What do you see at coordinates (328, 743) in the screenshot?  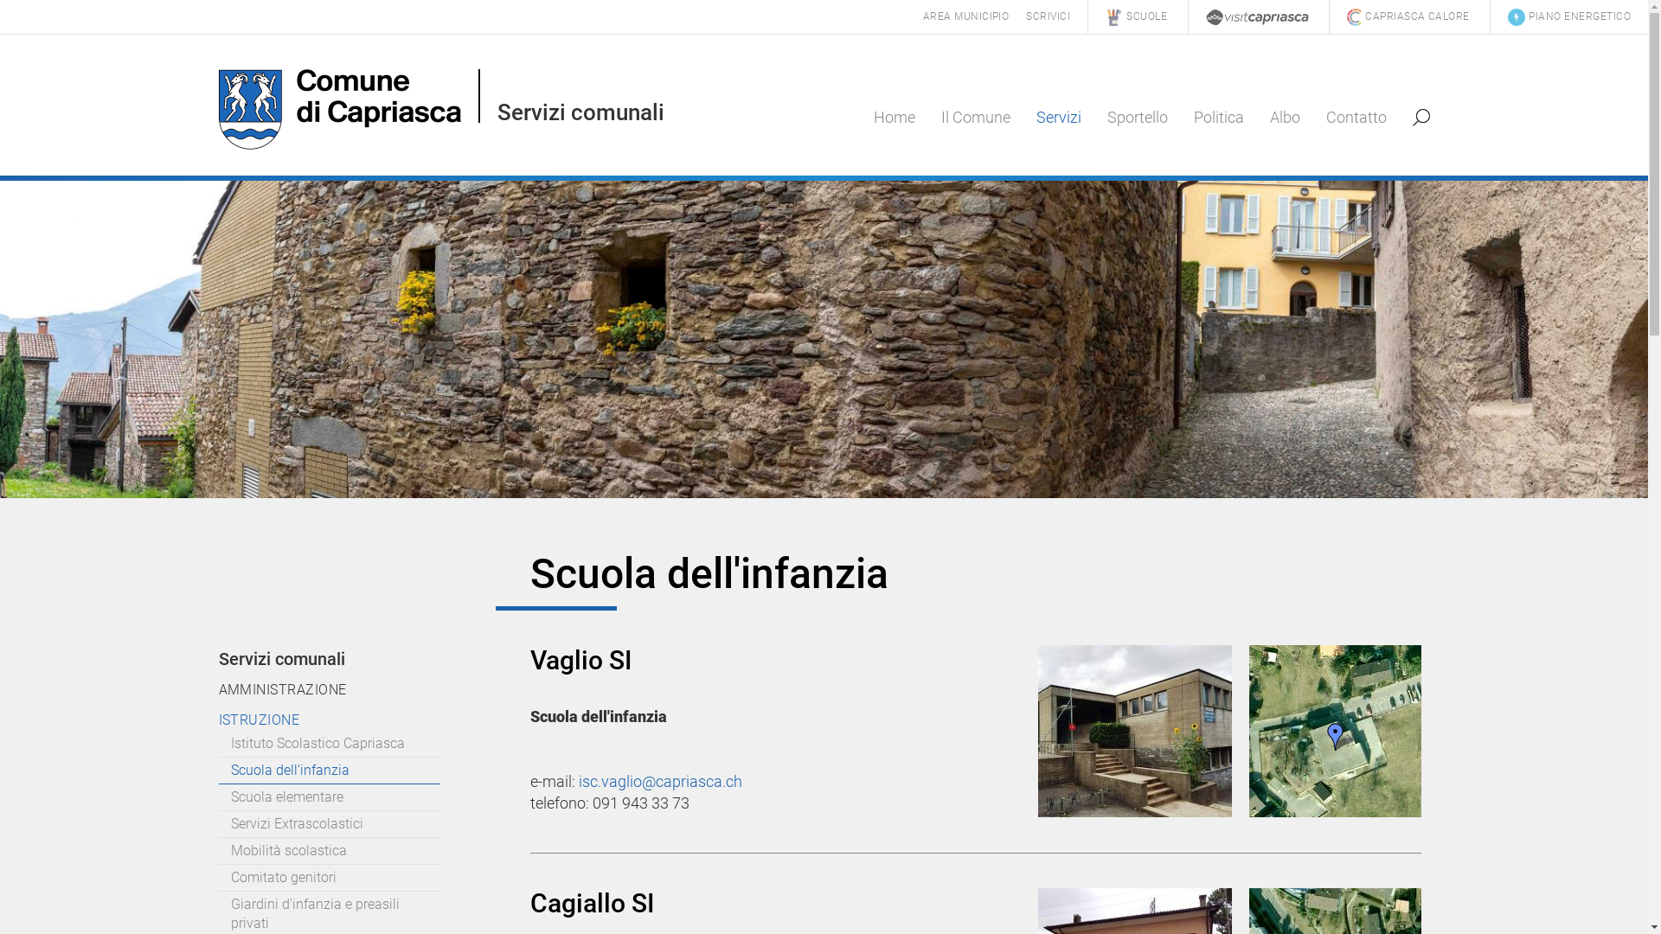 I see `'Istituto Scolastico Capriasca'` at bounding box center [328, 743].